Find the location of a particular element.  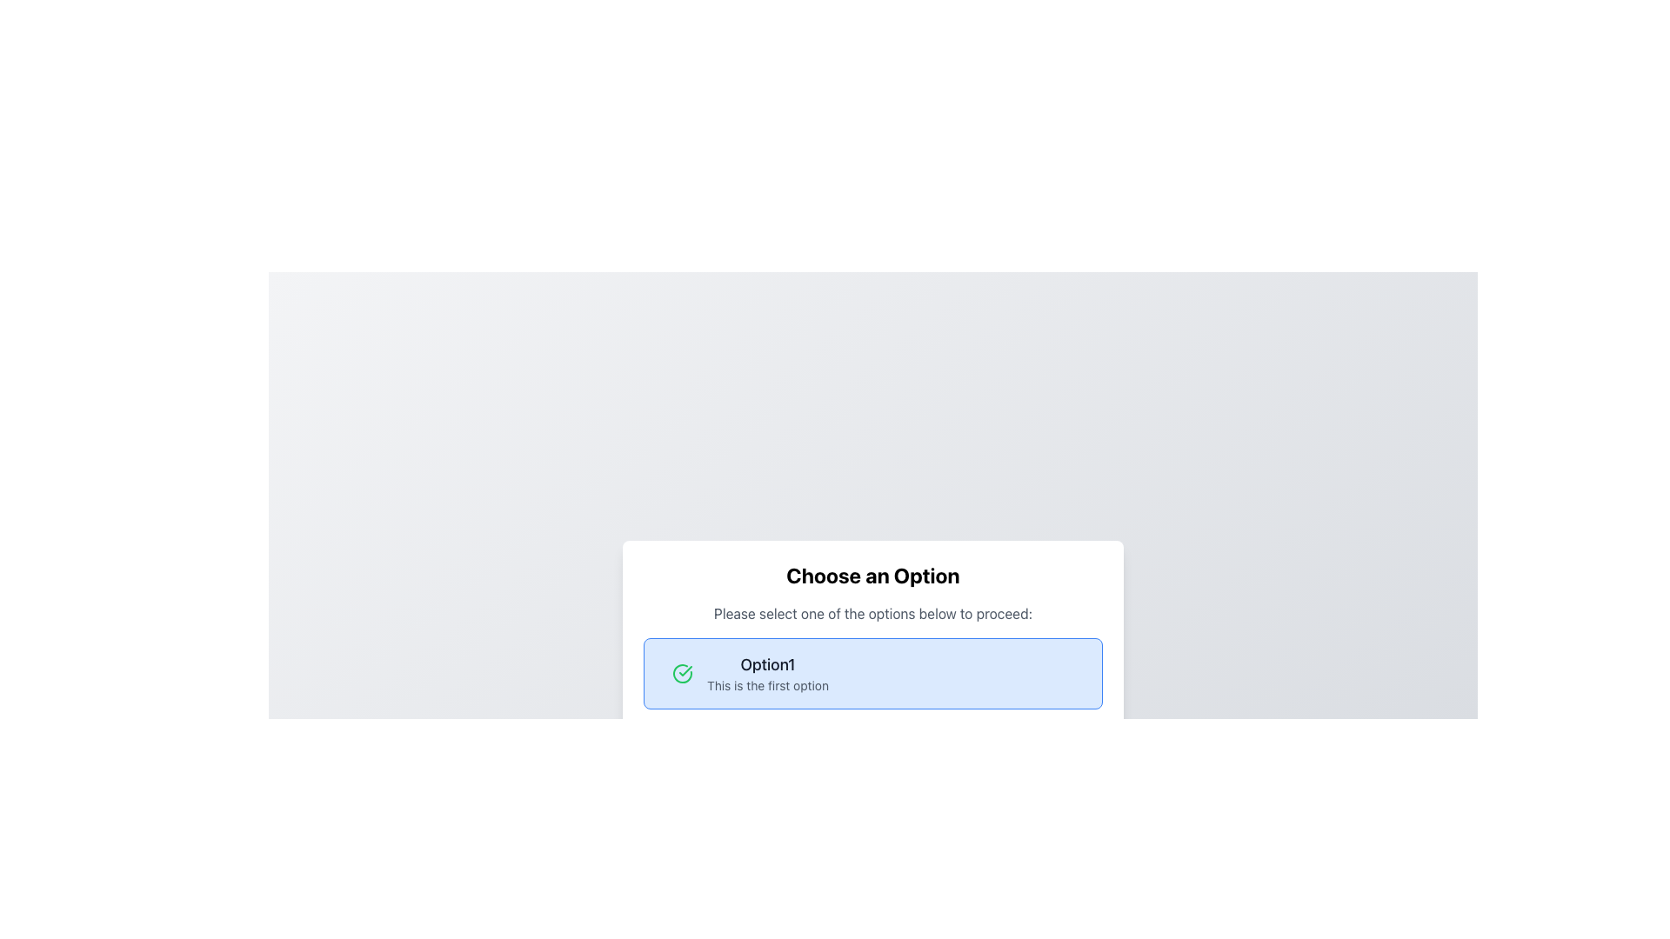

the primary label text for 'Option1' which is located at the center of the highlighted selection option is located at coordinates (767, 664).